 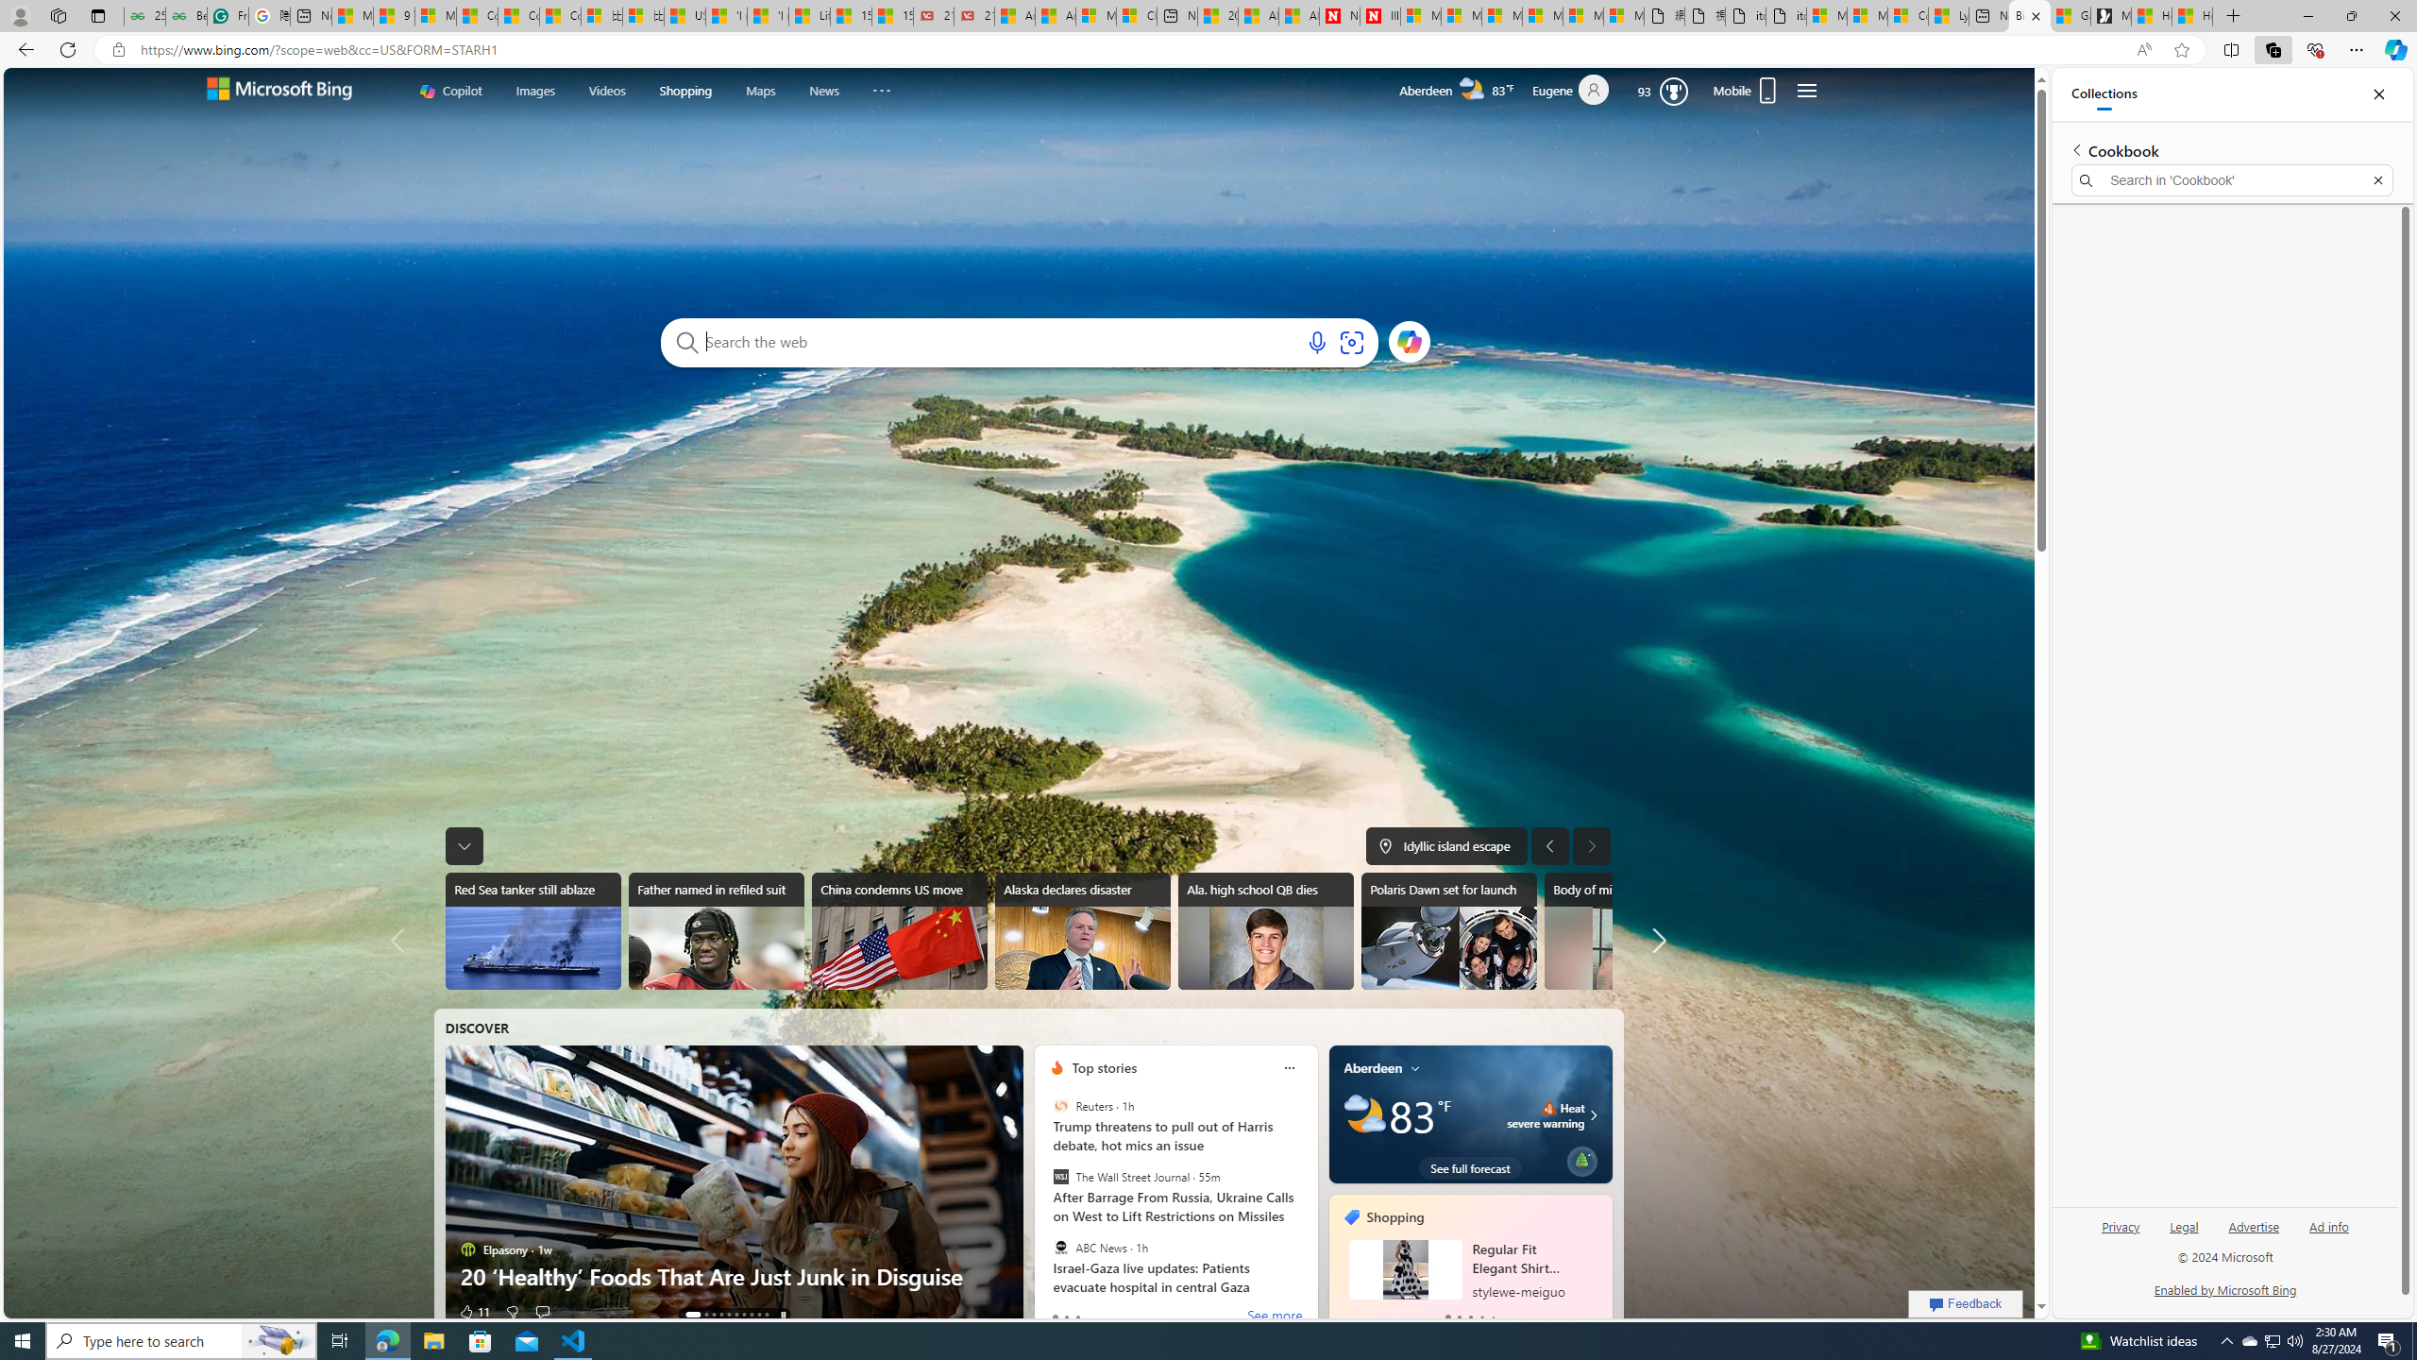 I want to click on 'Eugene', so click(x=1578, y=90).